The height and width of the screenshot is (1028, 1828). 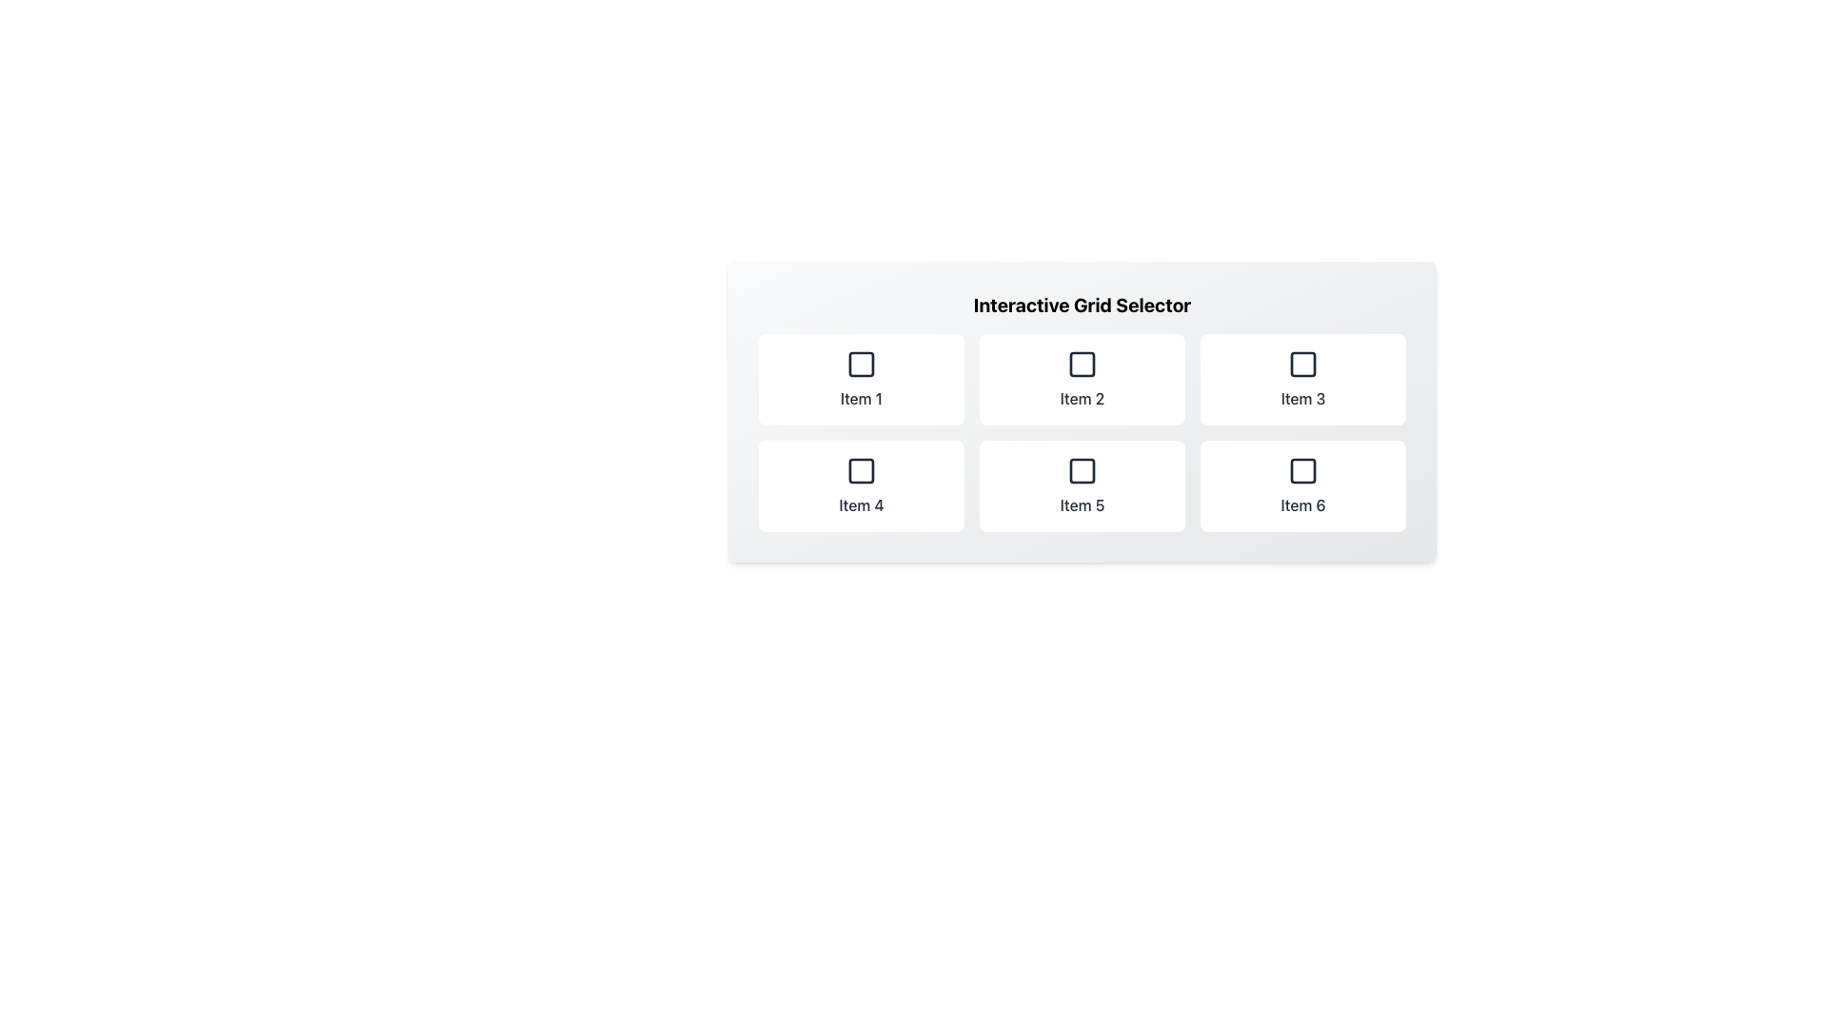 What do you see at coordinates (1301, 364) in the screenshot?
I see `the checkbox in the third square of the top row in the 'Interactive Grid Selector'` at bounding box center [1301, 364].